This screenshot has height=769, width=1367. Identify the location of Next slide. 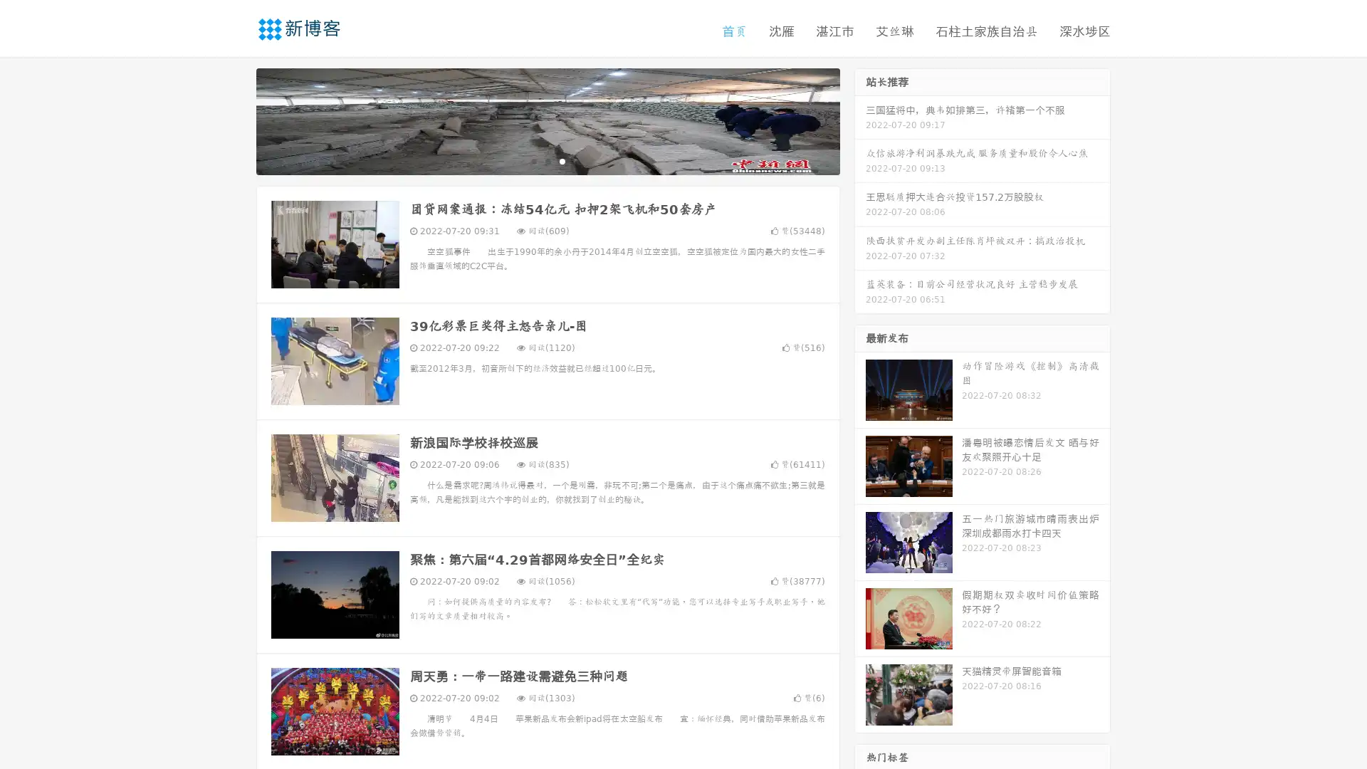
(860, 120).